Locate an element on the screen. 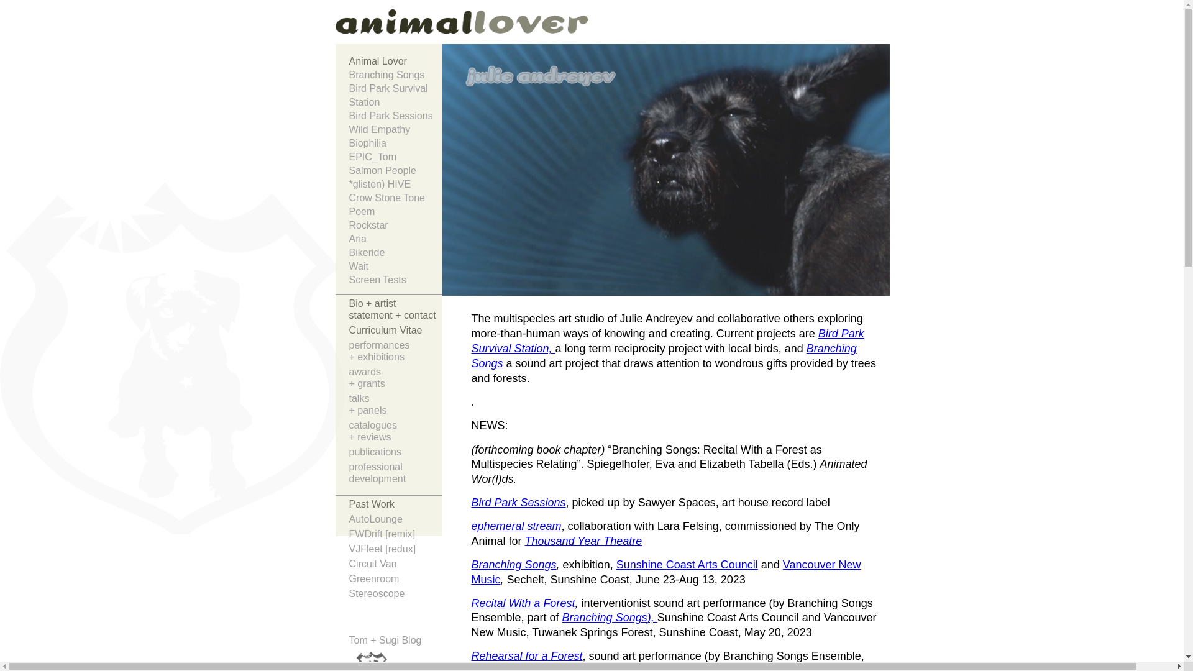  'Crow Stone Tone Poem' is located at coordinates (348, 204).